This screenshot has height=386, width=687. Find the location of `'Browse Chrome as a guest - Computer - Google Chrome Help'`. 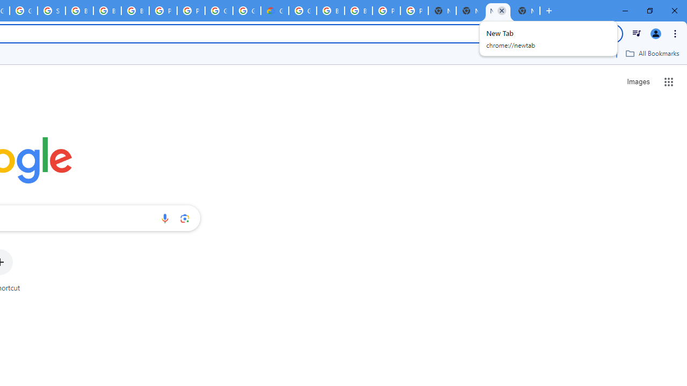

'Browse Chrome as a guest - Computer - Google Chrome Help' is located at coordinates (78, 11).